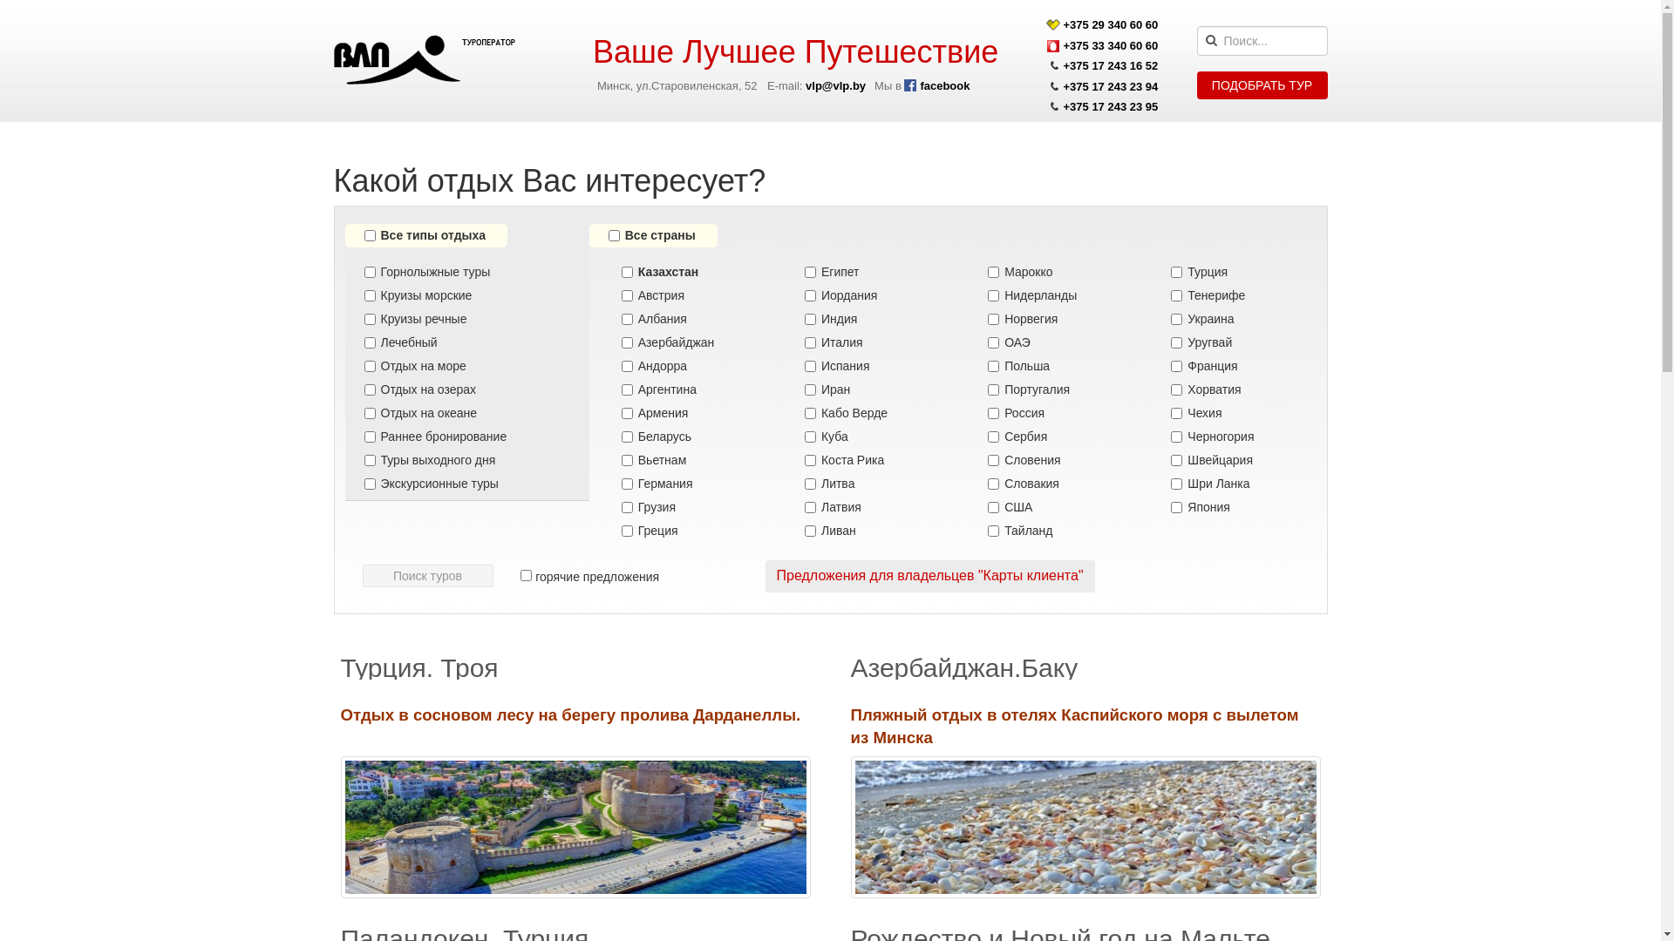 The image size is (1674, 941). What do you see at coordinates (1110, 106) in the screenshot?
I see `'+375 17 243 23 95'` at bounding box center [1110, 106].